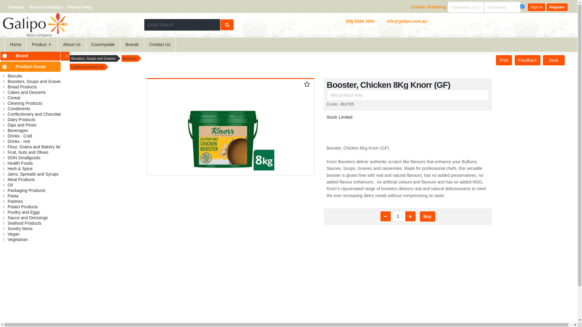  Describe the element at coordinates (546, 7) in the screenshot. I see `'Register'` at that location.